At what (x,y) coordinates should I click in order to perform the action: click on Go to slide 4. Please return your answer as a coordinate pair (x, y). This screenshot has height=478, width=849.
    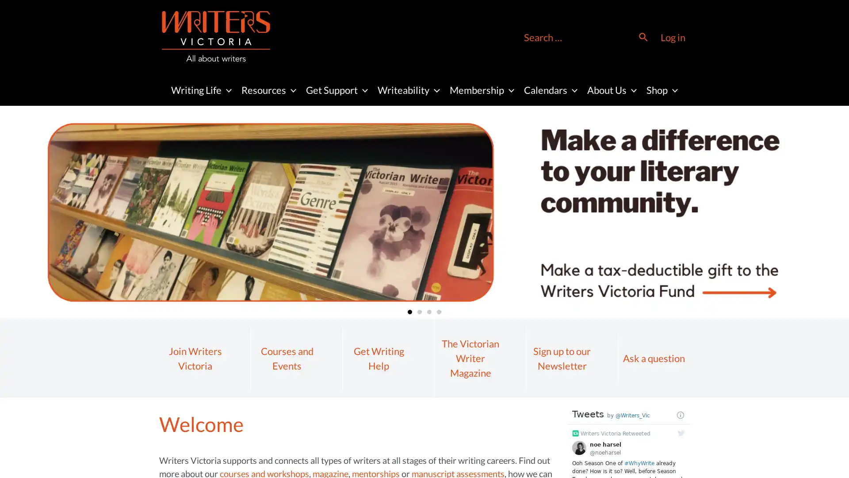
    Looking at the image, I should click on (439, 311).